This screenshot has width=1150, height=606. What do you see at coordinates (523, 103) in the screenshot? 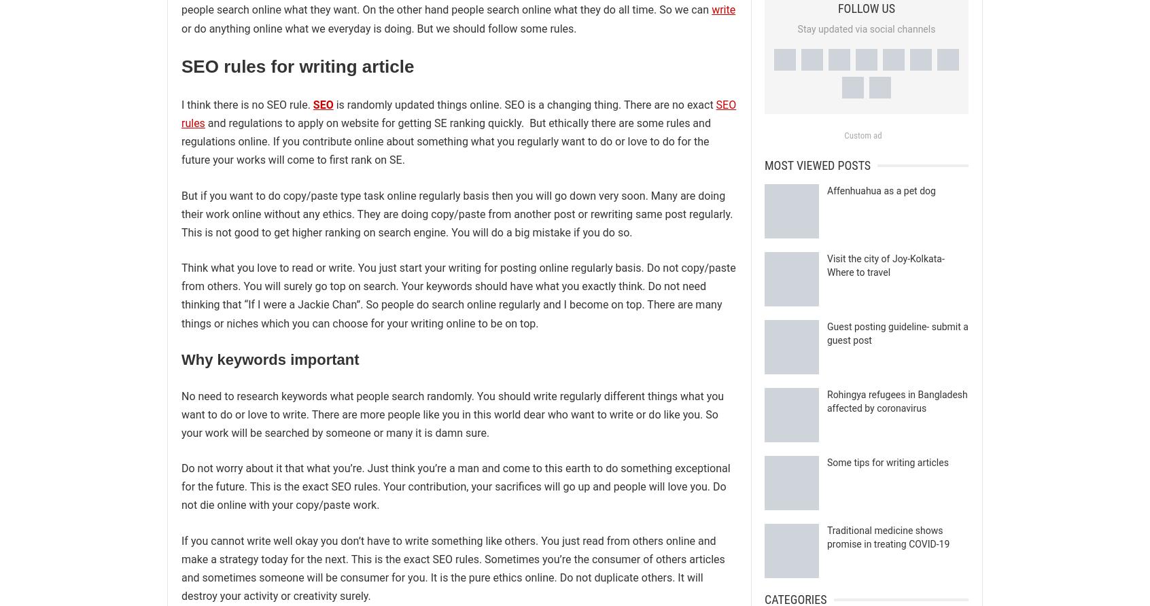
I see `'is randomly updated things online. SEO is a changing thing. There are no exact'` at bounding box center [523, 103].